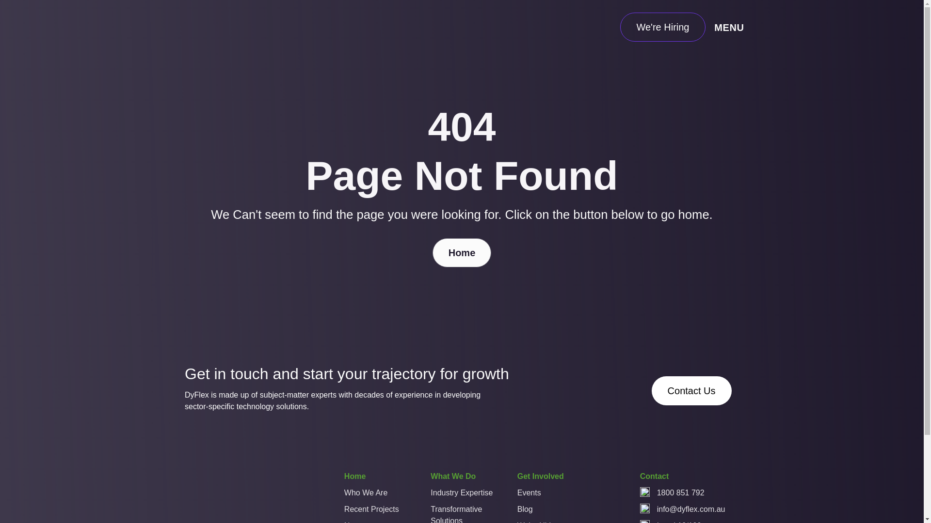 Image resolution: width=931 pixels, height=523 pixels. What do you see at coordinates (680, 493) in the screenshot?
I see `'1800 851 792'` at bounding box center [680, 493].